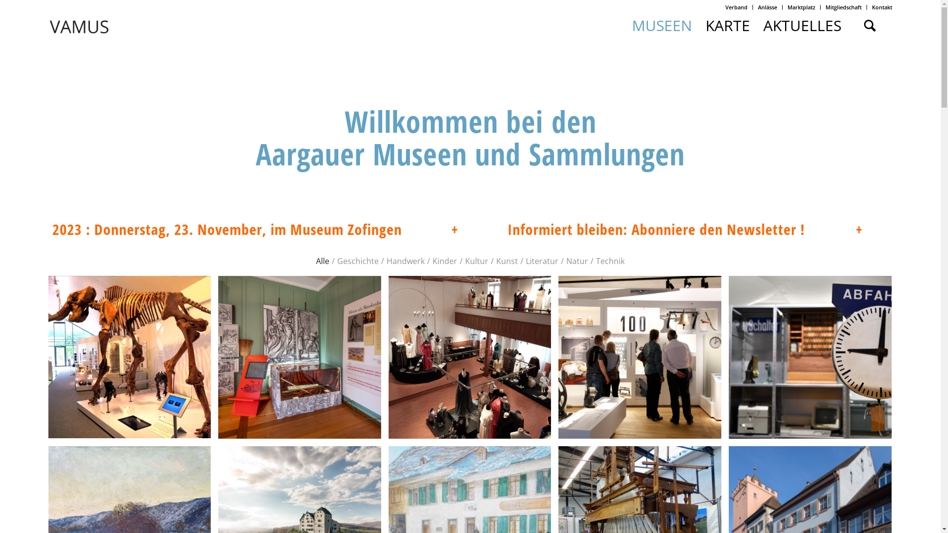 The image size is (948, 533). I want to click on 'Mitgliedschaft', so click(843, 7).